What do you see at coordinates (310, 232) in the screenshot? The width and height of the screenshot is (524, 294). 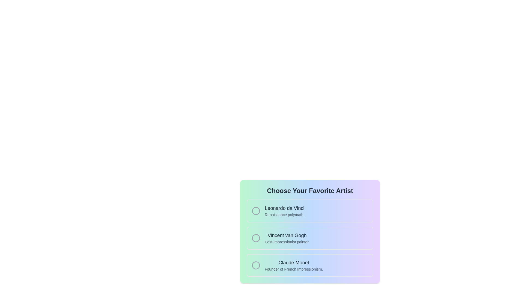 I see `the radio button in the selection group` at bounding box center [310, 232].